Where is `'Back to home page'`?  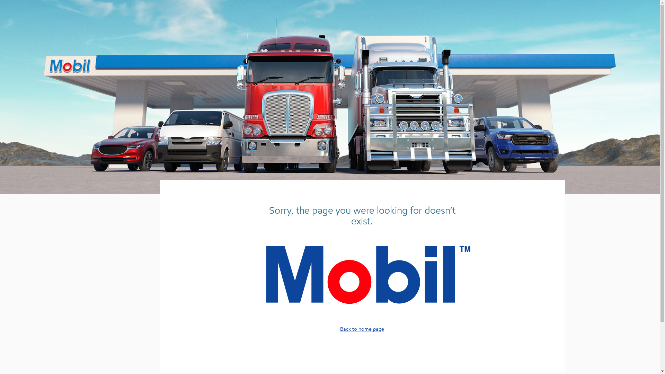
'Back to home page' is located at coordinates (362, 328).